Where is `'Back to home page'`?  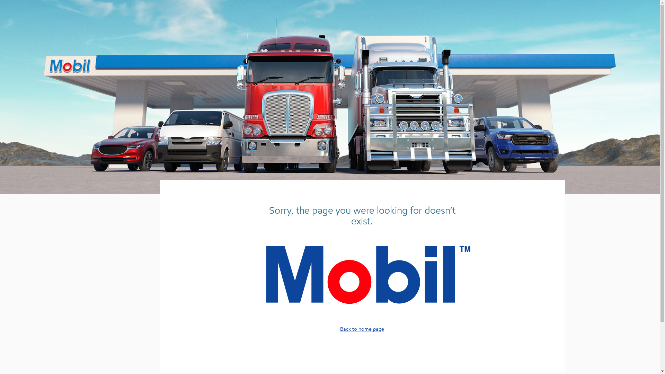
'Back to home page' is located at coordinates (362, 328).